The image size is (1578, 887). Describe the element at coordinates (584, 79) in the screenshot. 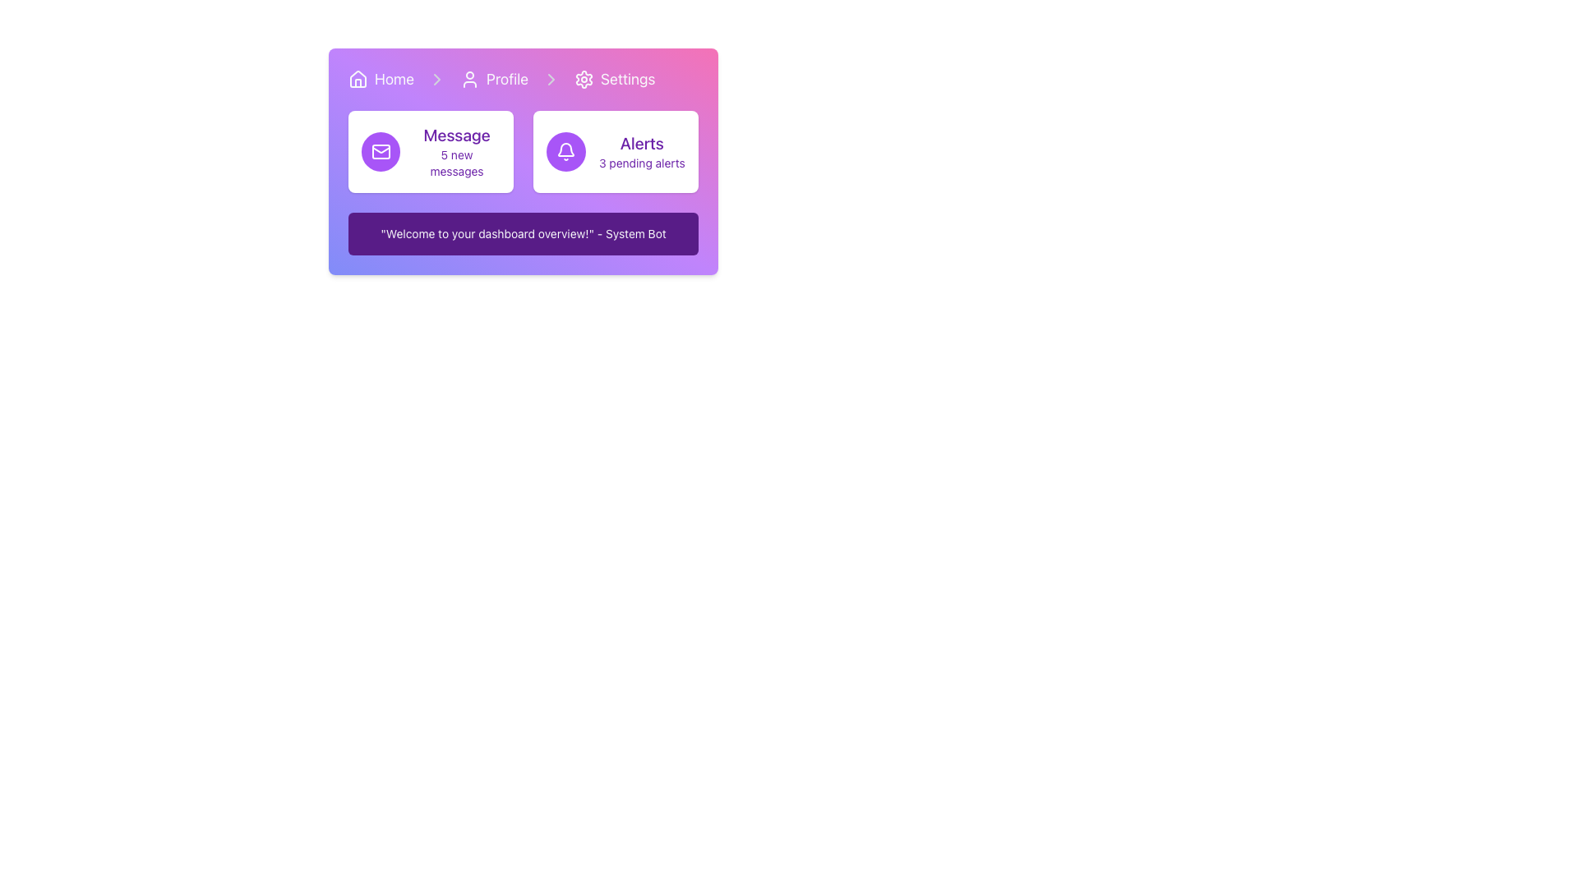

I see `the settings menu icon located to the left of the 'Settings' text` at that location.